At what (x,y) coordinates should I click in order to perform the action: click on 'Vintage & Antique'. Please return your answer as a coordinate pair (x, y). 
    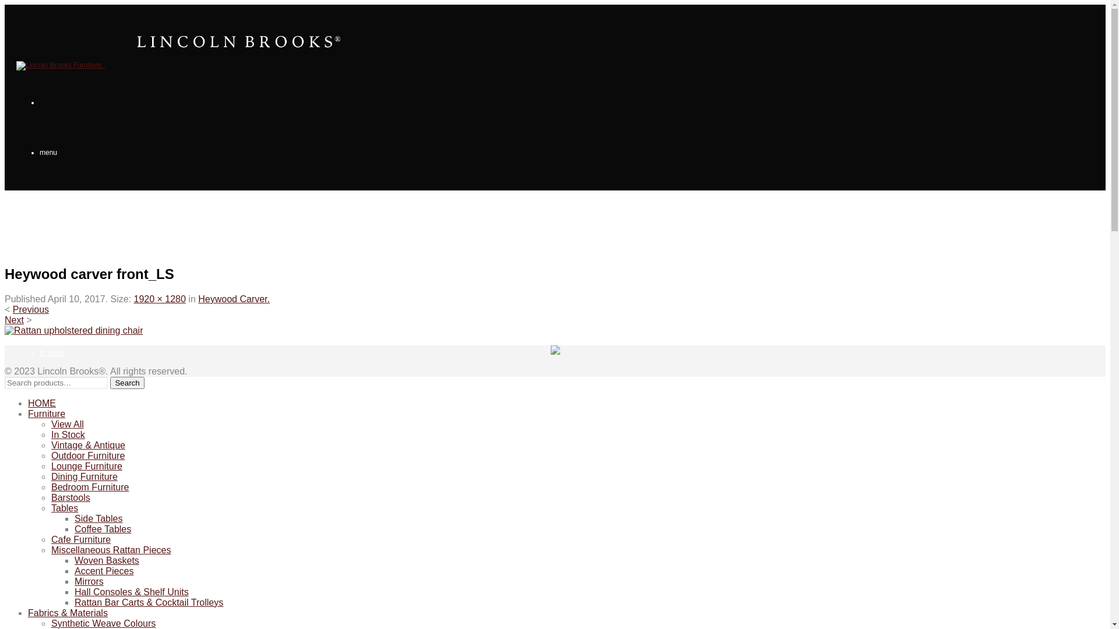
    Looking at the image, I should click on (87, 445).